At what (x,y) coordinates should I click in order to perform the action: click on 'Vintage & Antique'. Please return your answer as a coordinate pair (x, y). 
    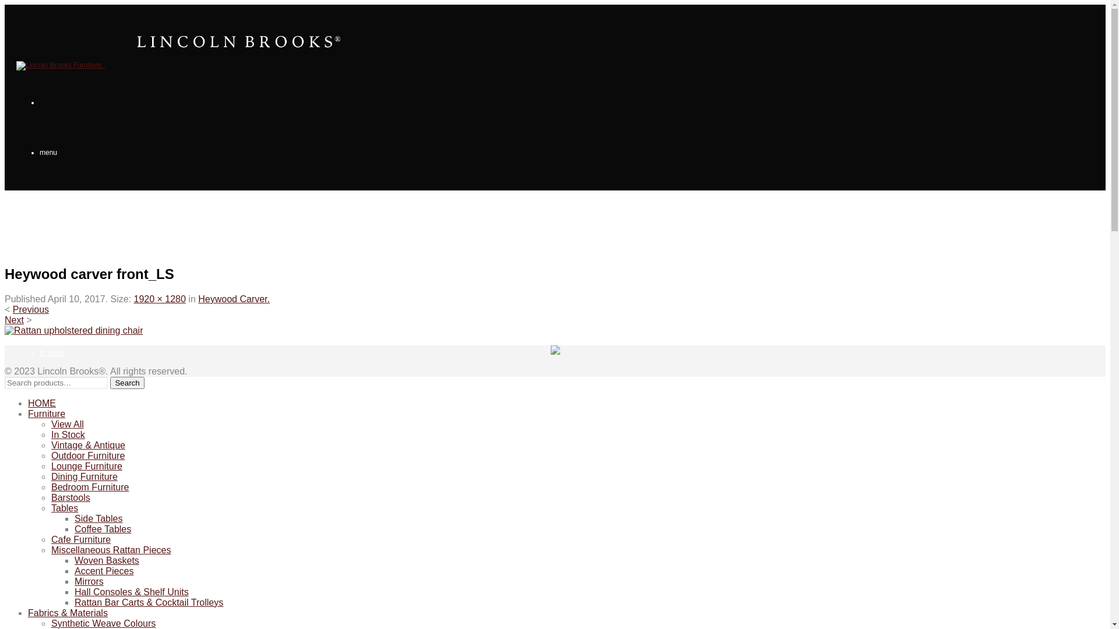
    Looking at the image, I should click on (87, 445).